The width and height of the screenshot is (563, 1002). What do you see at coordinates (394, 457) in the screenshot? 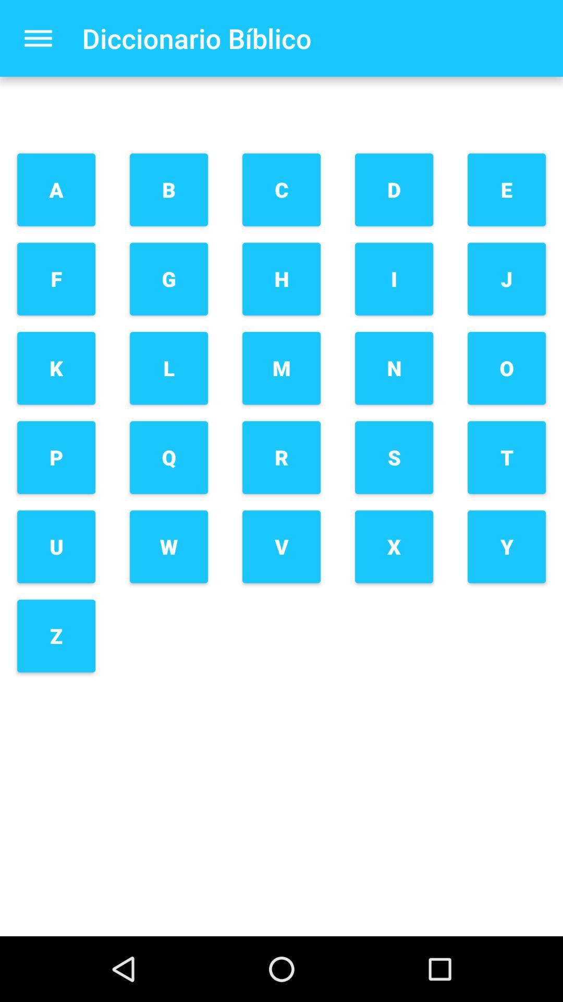
I see `button above x button` at bounding box center [394, 457].